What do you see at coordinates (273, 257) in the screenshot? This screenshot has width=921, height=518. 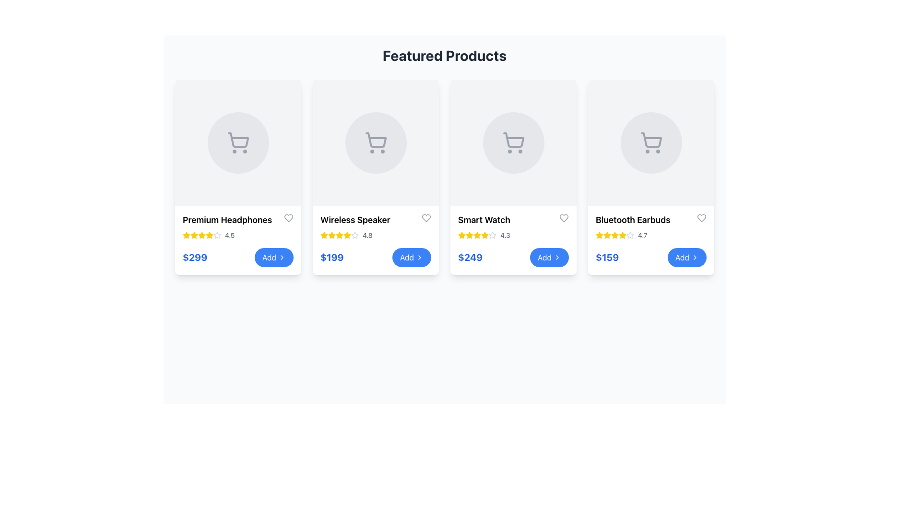 I see `the blue 'Add' button with a chevron icon, positioned next to the '$299' text element` at bounding box center [273, 257].